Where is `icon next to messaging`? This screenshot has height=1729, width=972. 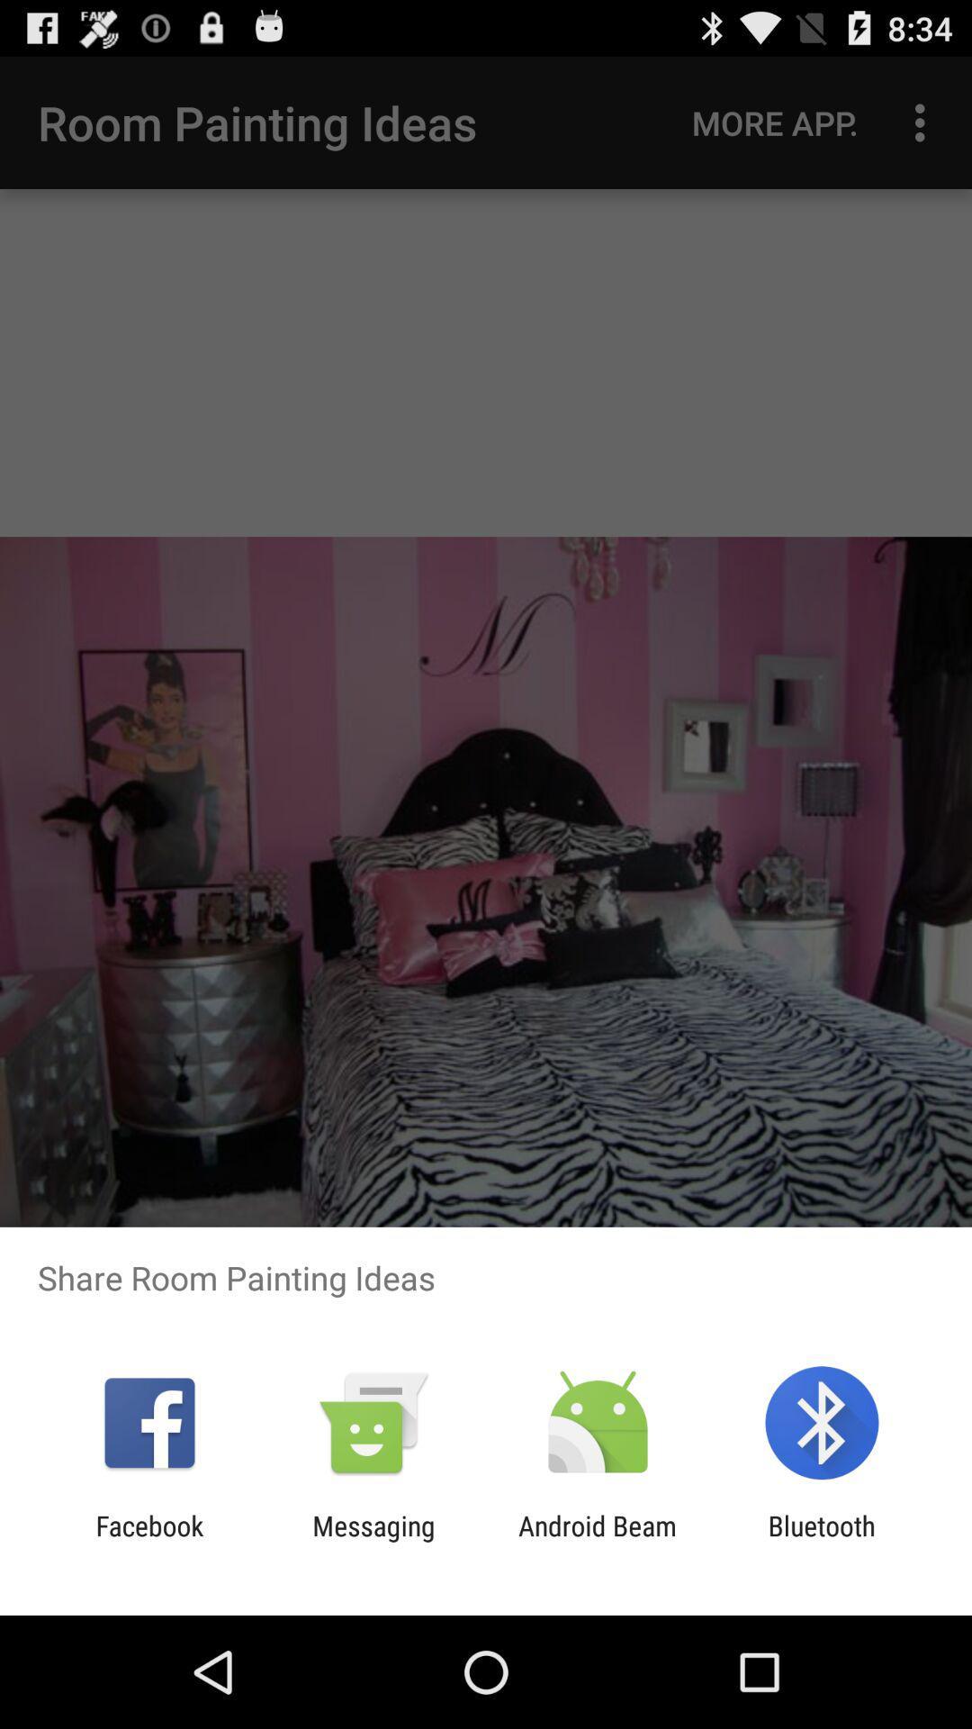 icon next to messaging is located at coordinates (598, 1541).